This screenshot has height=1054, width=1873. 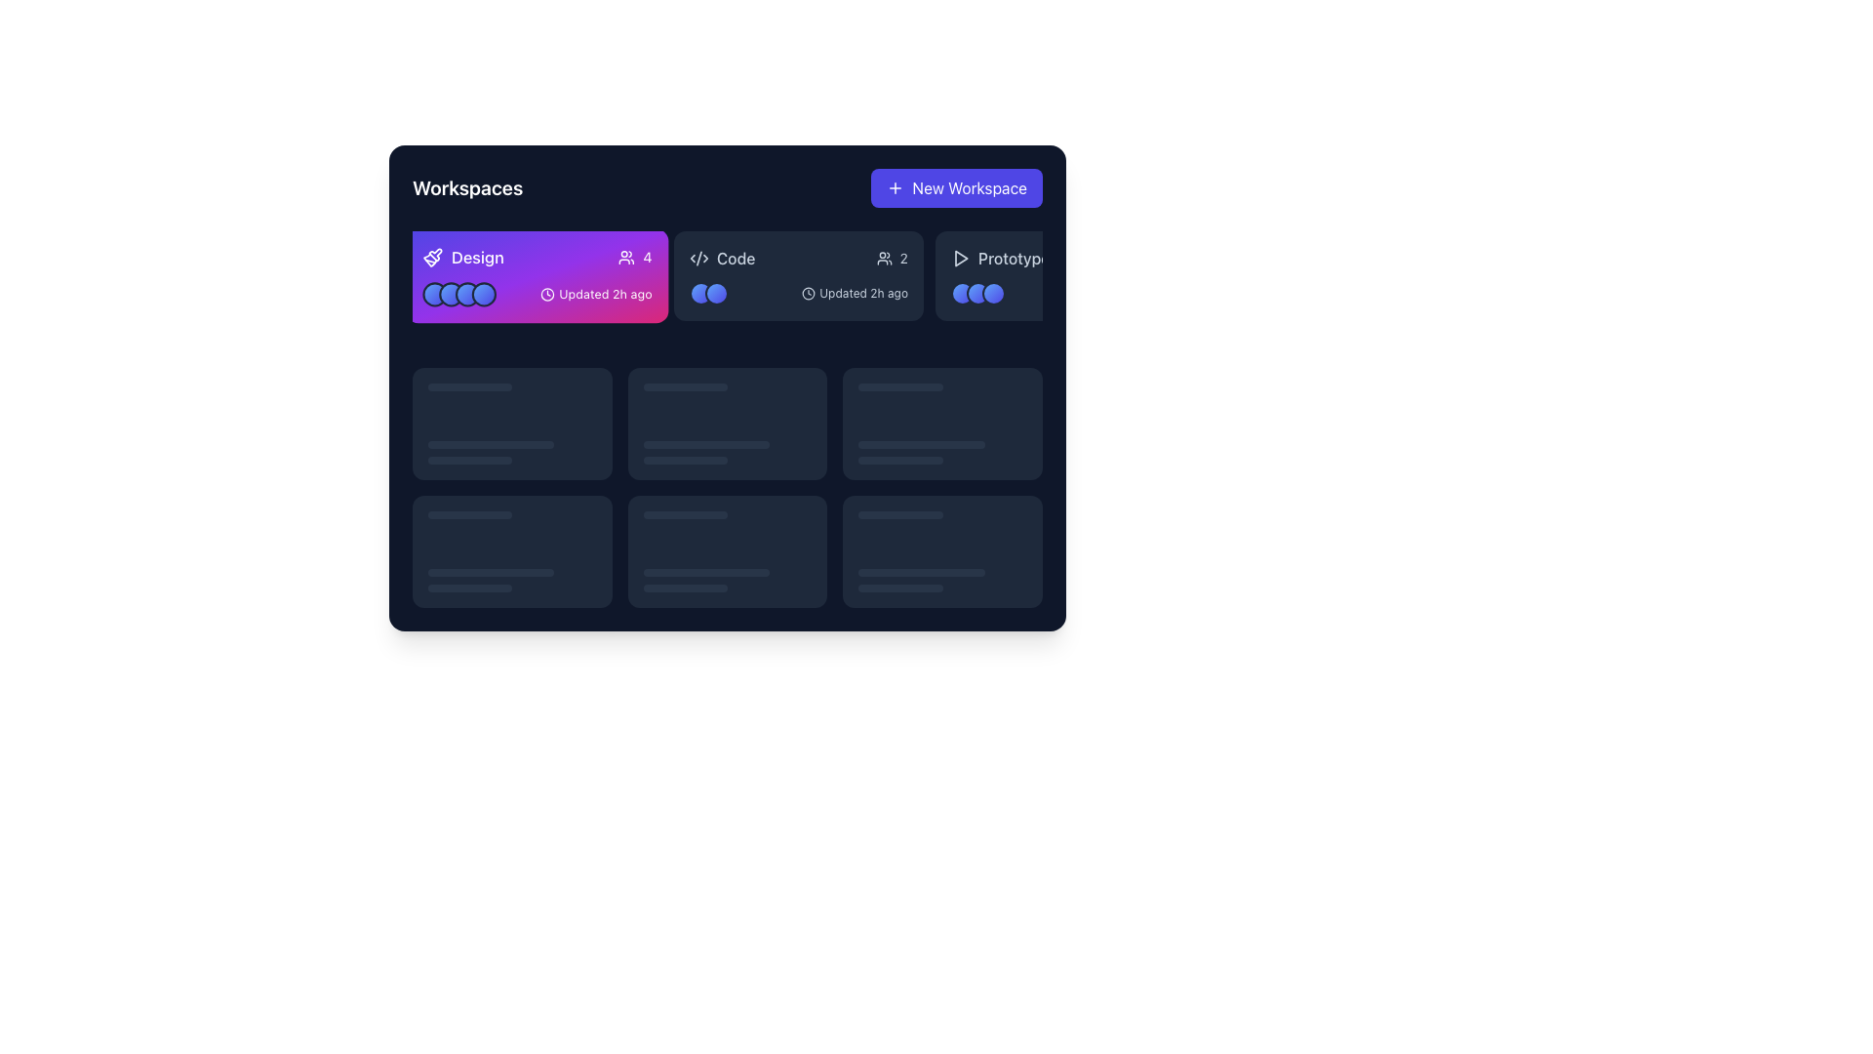 What do you see at coordinates (978, 293) in the screenshot?
I see `grouped visual indicator composed of circular shapes located to the left of the timestamp text in the 'Updated 2h ago' section of the Prototype workspace card` at bounding box center [978, 293].